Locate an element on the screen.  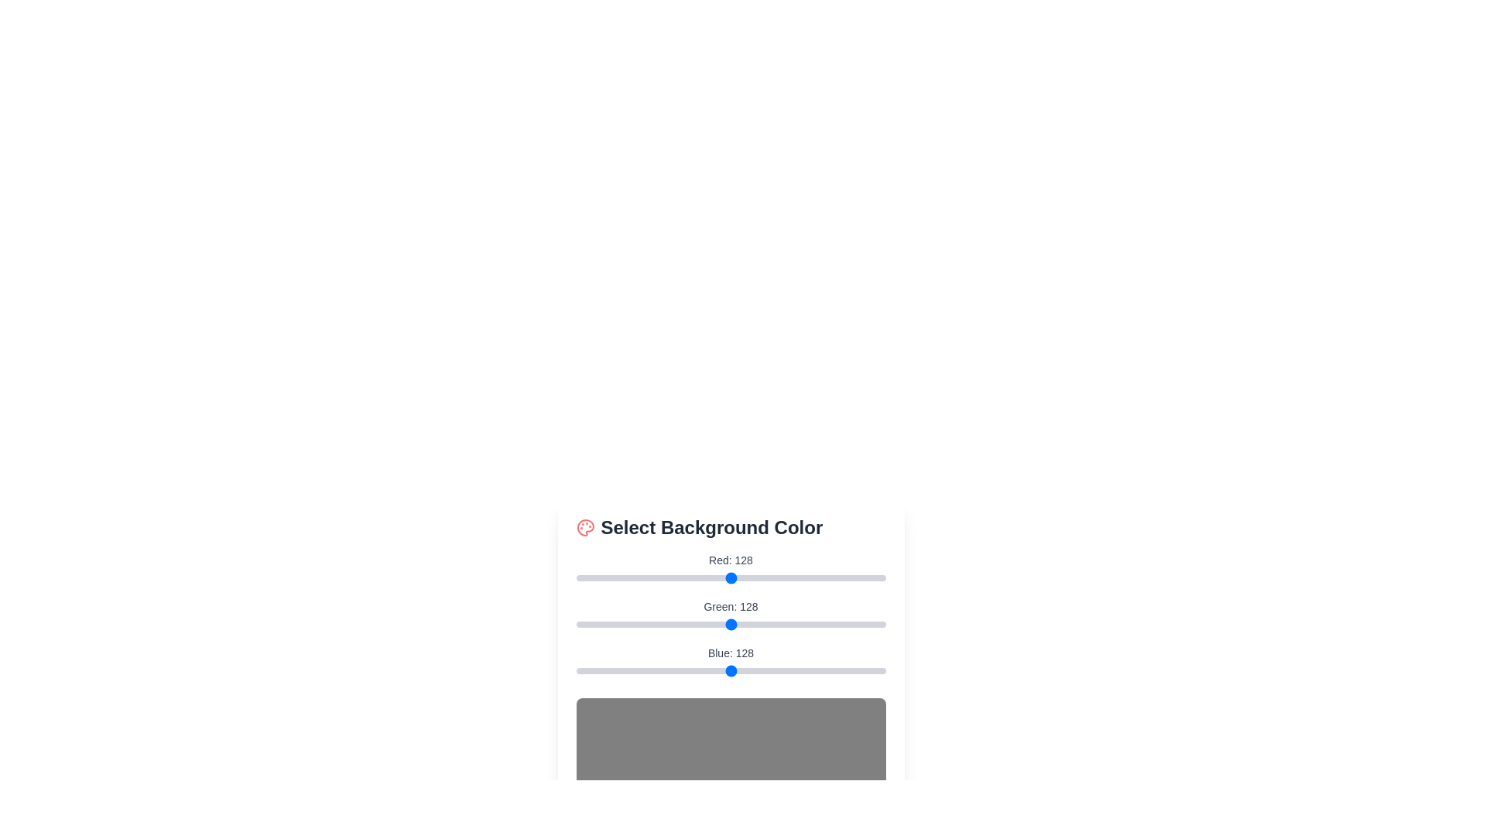
the red slider to 240 to adjust the red component of the background color is located at coordinates (867, 578).